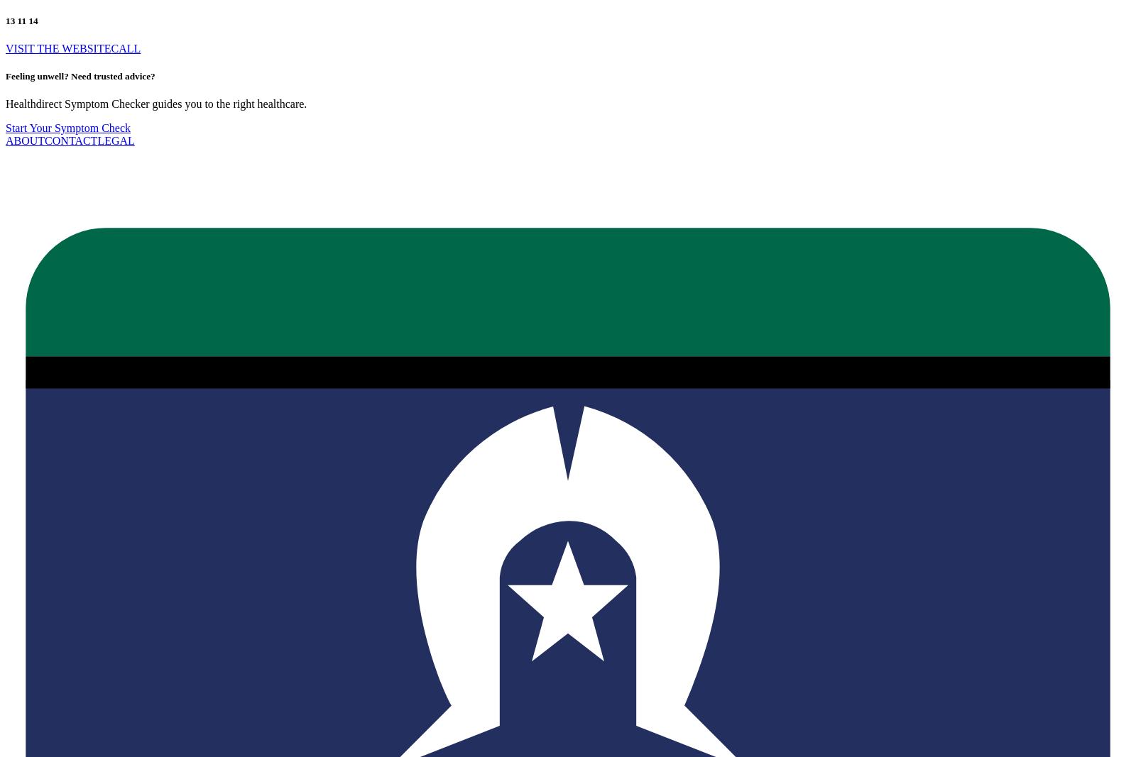 The height and width of the screenshot is (757, 1136). Describe the element at coordinates (5, 47) in the screenshot. I see `'VISIT THE'` at that location.